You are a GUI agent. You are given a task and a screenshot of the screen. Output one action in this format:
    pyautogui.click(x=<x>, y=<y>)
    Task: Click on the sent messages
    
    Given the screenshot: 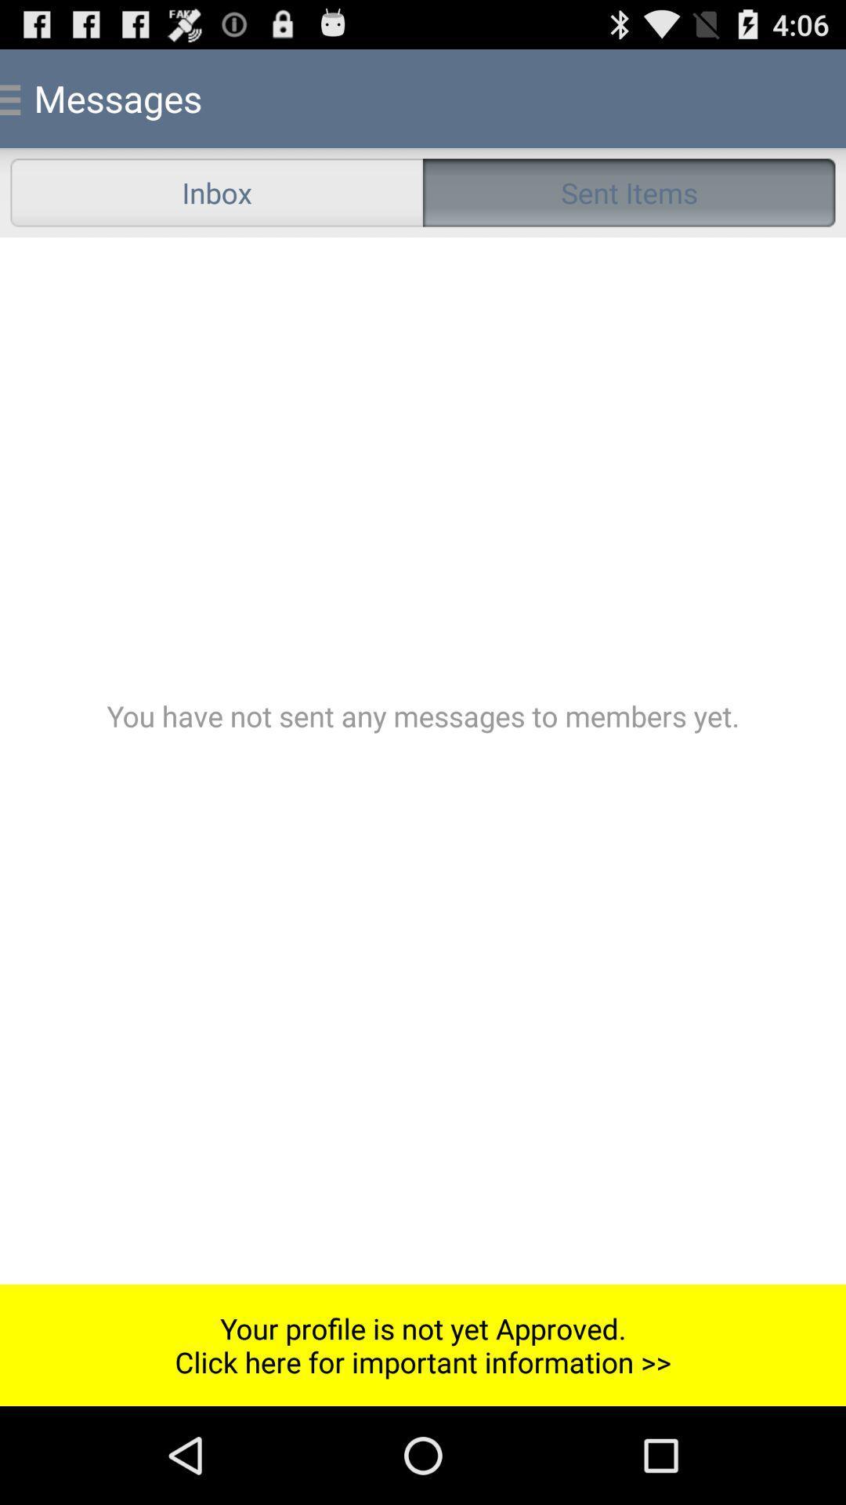 What is the action you would take?
    pyautogui.click(x=423, y=760)
    